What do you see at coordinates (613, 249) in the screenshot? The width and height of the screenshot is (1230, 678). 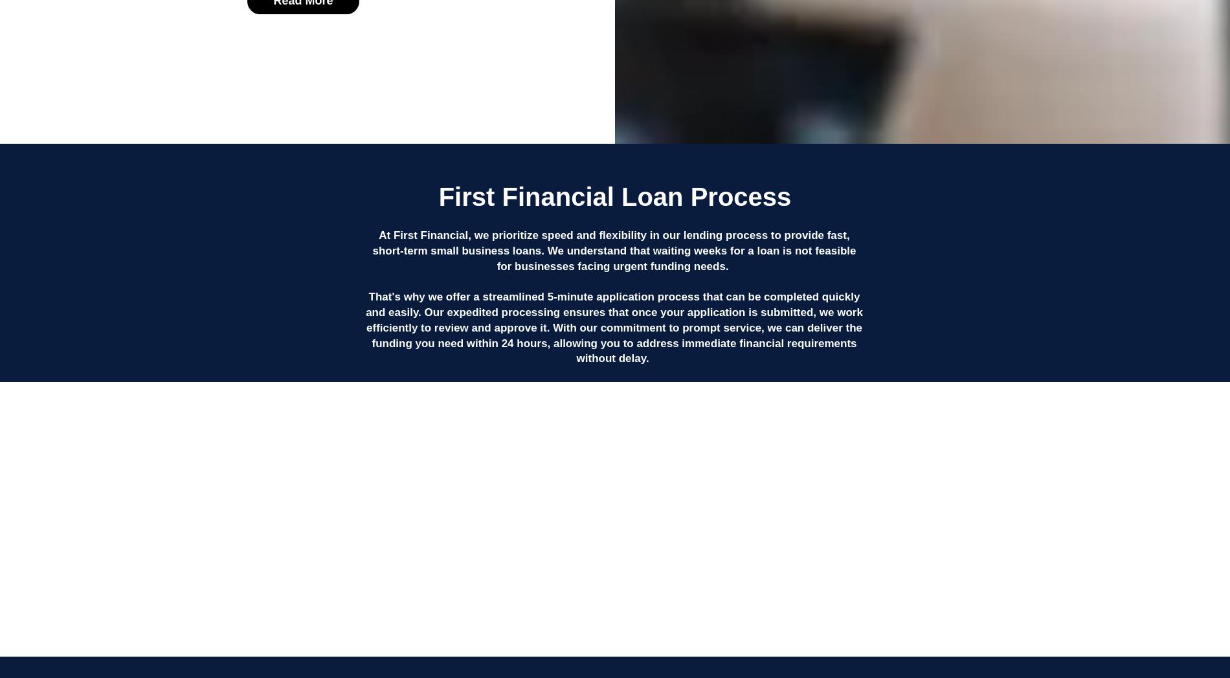 I see `'At First Financial, we prioritize speed and flexibility in our lending process to provide fast, short-term small business loans. We understand that waiting weeks for a loan is not feasible for businesses facing urgent funding needs.'` at bounding box center [613, 249].